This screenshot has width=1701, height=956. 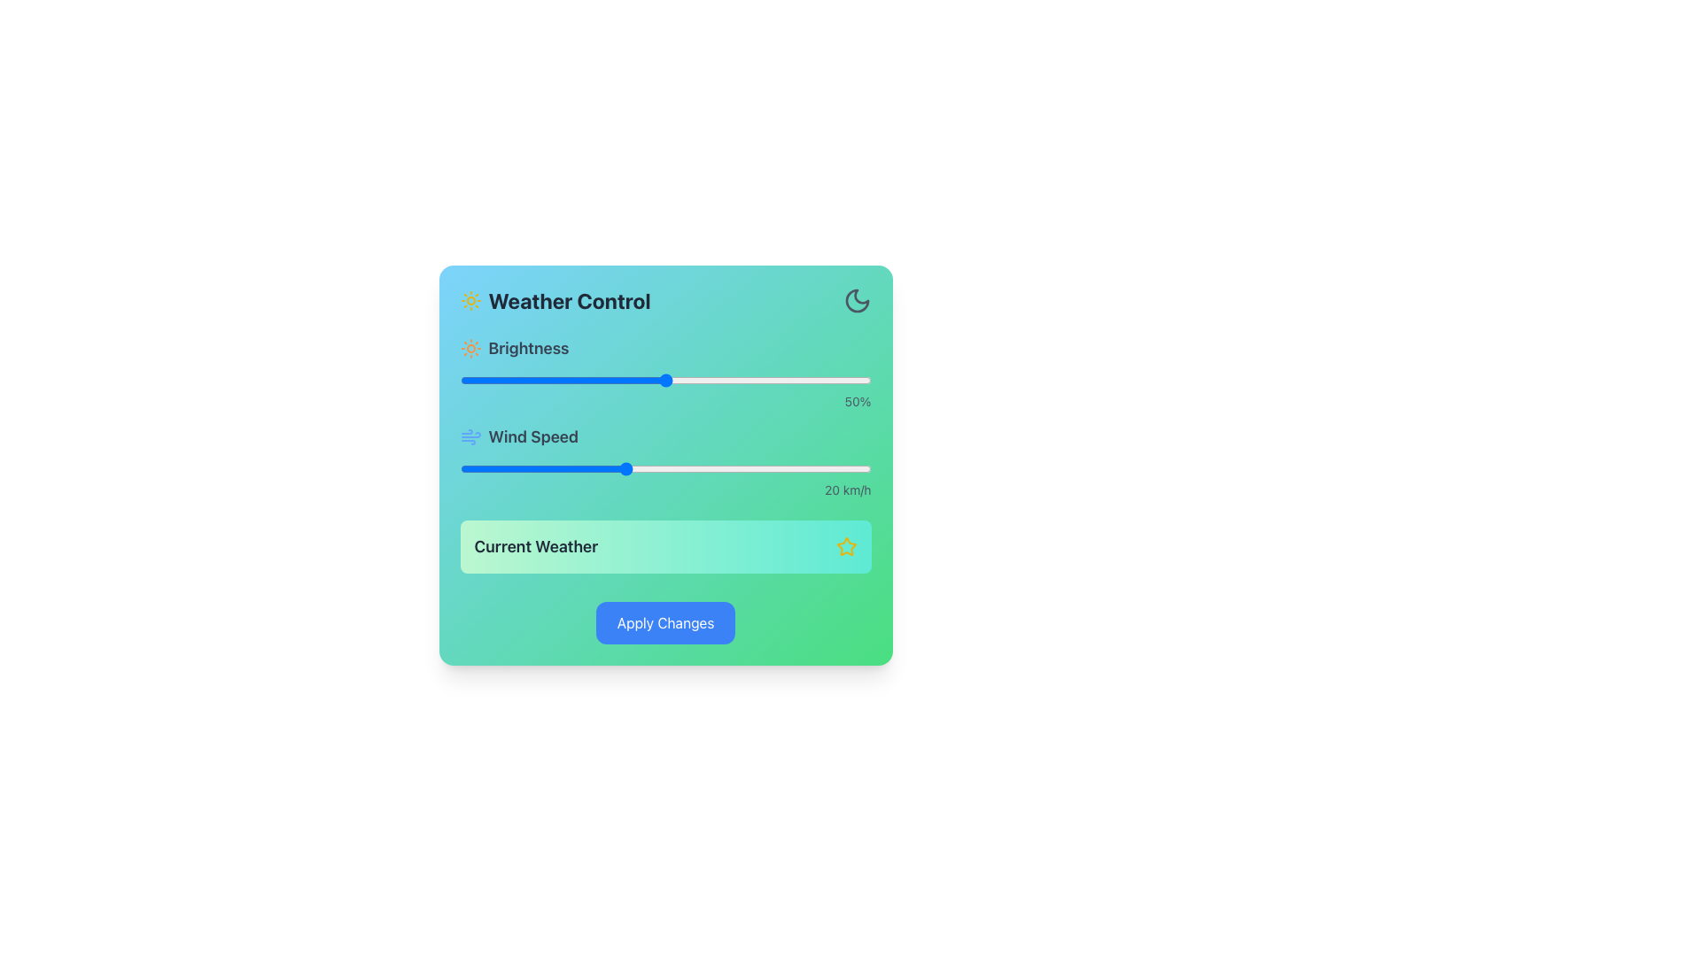 What do you see at coordinates (857, 299) in the screenshot?
I see `the crescent moon icon with a gray outline located at the top-right corner of the 'Weather Control' component` at bounding box center [857, 299].